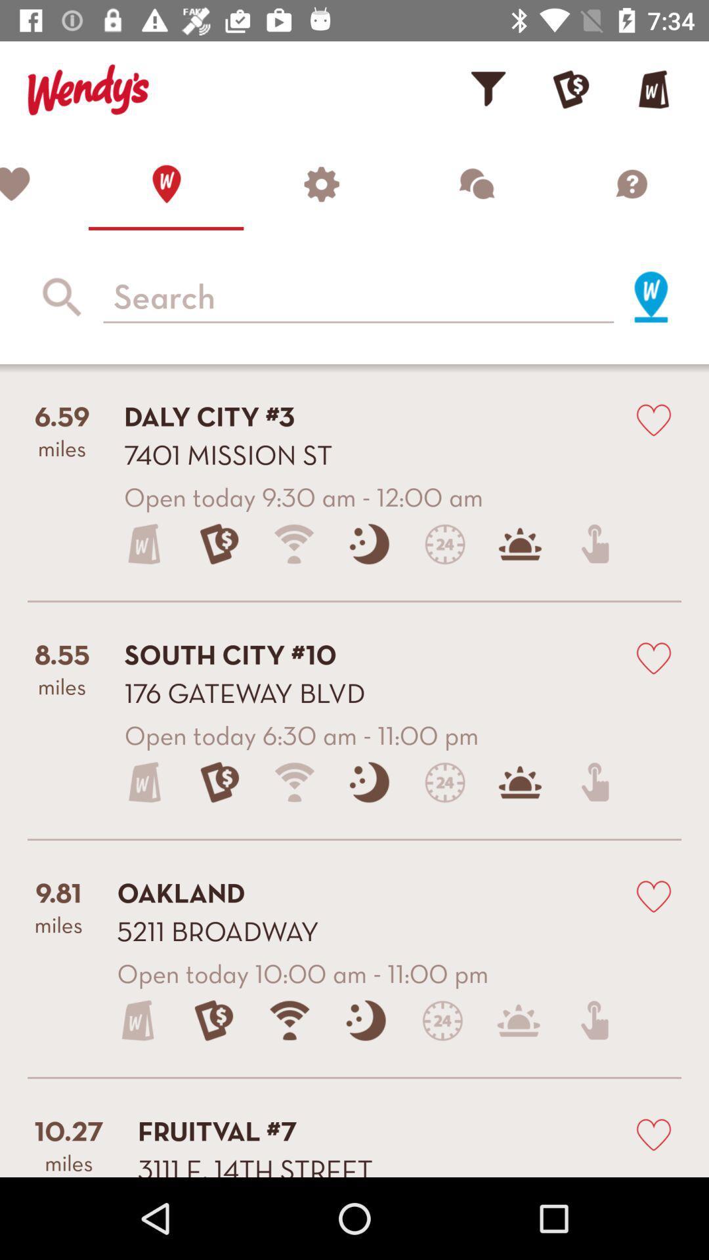  What do you see at coordinates (358, 296) in the screenshot?
I see `search locations` at bounding box center [358, 296].